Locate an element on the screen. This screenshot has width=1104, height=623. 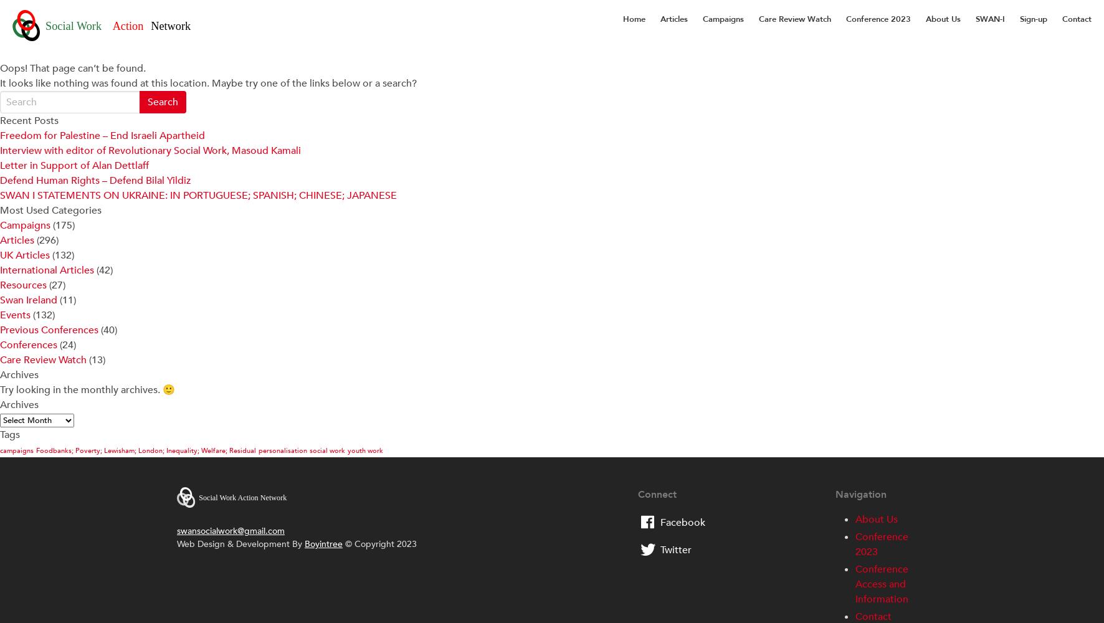
'Twitter' is located at coordinates (675, 550).